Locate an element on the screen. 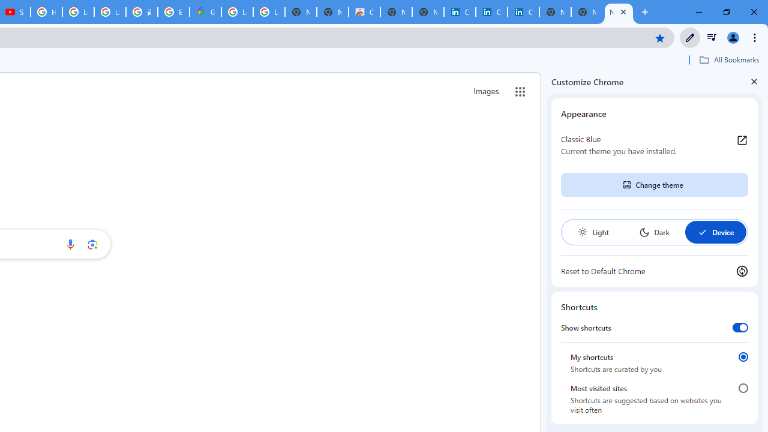 The width and height of the screenshot is (768, 432). 'Explore new street-level details - Google Maps Help' is located at coordinates (173, 12).